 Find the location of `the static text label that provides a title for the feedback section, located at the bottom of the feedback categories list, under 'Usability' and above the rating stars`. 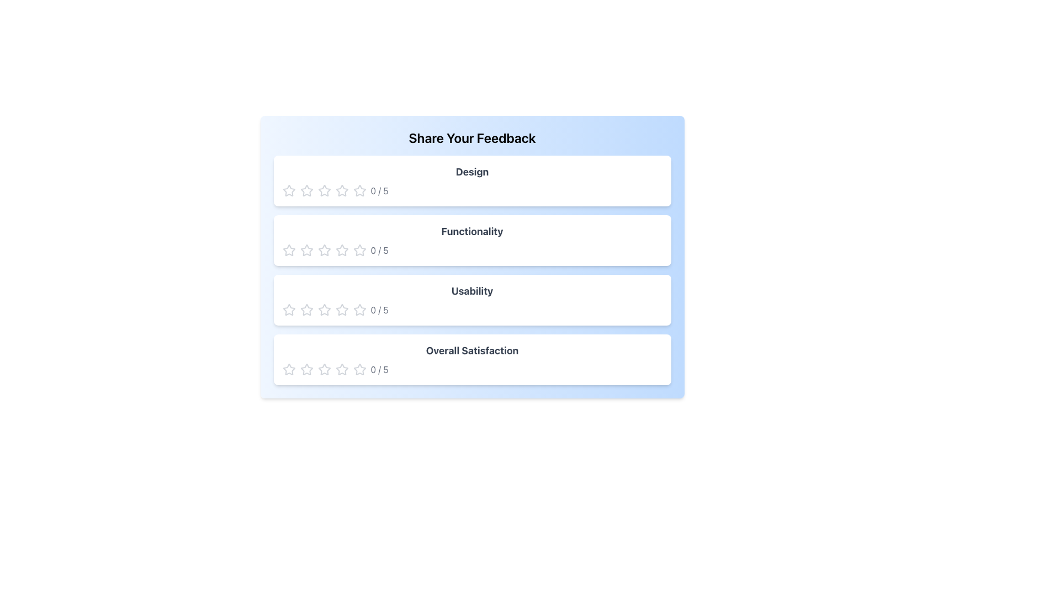

the static text label that provides a title for the feedback section, located at the bottom of the feedback categories list, under 'Usability' and above the rating stars is located at coordinates (472, 351).